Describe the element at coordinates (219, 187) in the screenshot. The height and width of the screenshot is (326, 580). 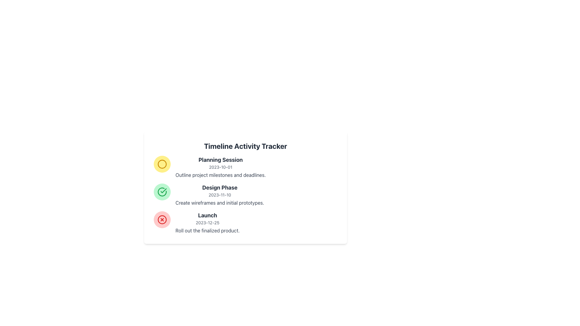
I see `the text label that reads 'Design Phase'` at that location.